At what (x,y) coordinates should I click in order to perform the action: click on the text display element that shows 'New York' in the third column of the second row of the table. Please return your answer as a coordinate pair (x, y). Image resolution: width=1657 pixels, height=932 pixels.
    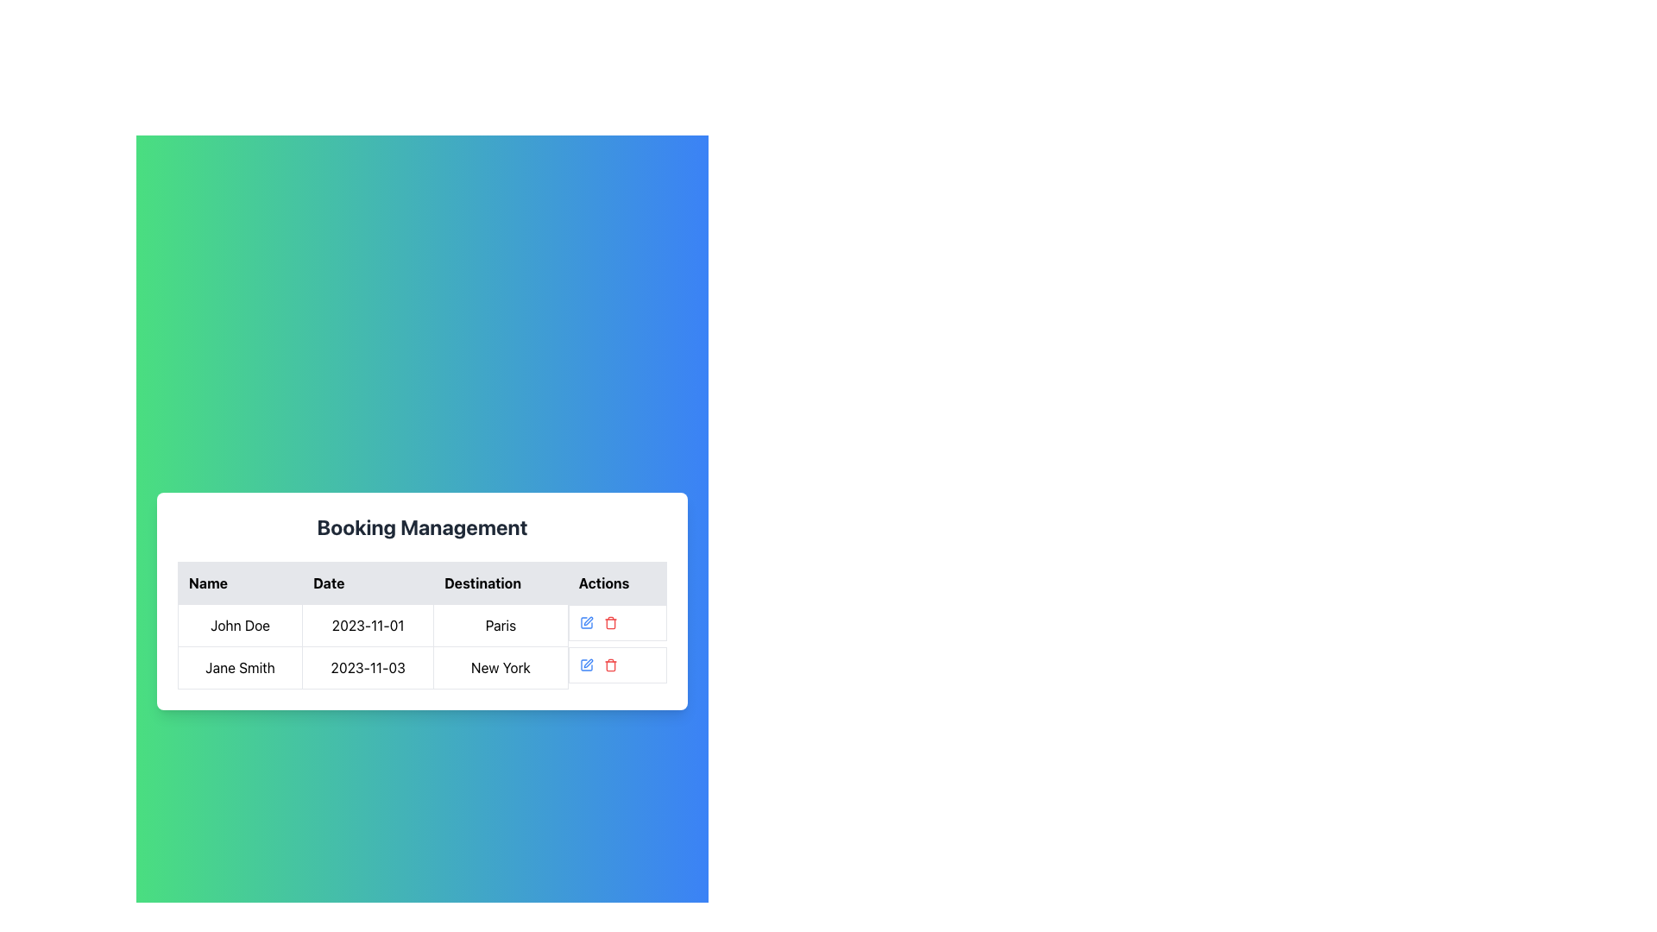
    Looking at the image, I should click on (500, 667).